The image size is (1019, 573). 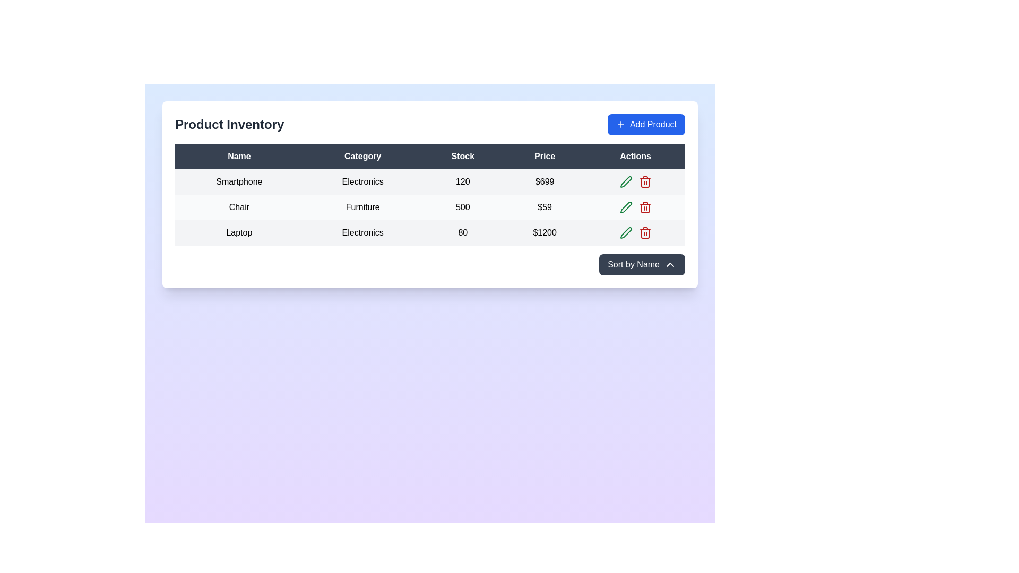 I want to click on the static text element containing the word 'Furniture' located in the second row under the 'Category' column of the 'Product Inventory' UI, so click(x=362, y=207).